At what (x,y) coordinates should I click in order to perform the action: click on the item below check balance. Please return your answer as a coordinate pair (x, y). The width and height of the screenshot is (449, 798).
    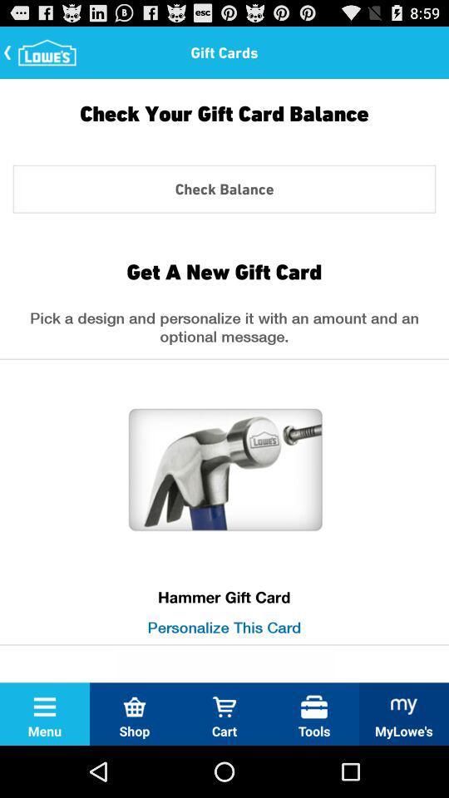
    Looking at the image, I should click on (224, 271).